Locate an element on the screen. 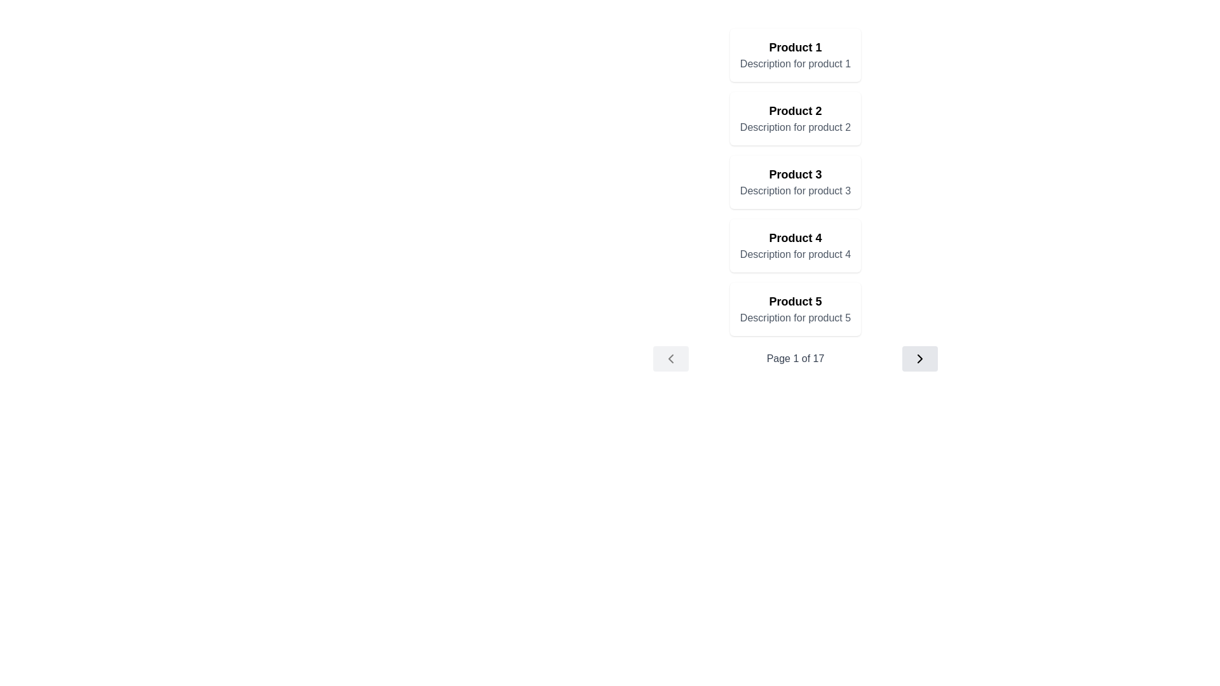 The image size is (1220, 686). text label styled in gray that displays 'Description for product 1', located below the title 'Product 1' in the first card of a vertically stacked list is located at coordinates (795, 64).